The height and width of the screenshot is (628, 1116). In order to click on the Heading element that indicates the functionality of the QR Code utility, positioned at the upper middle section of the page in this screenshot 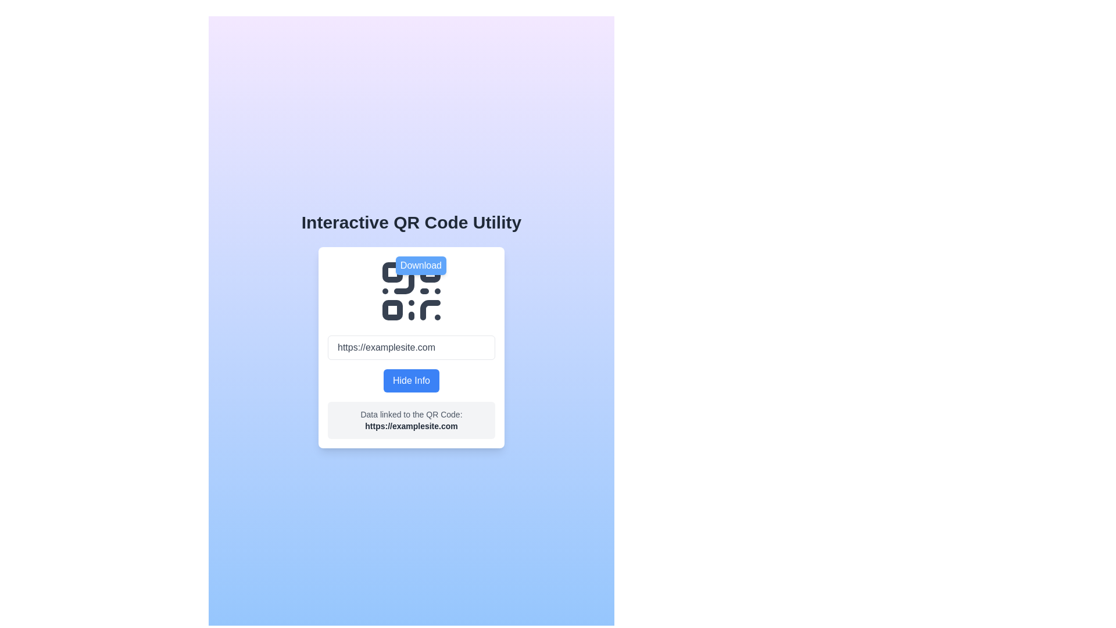, I will do `click(411, 222)`.